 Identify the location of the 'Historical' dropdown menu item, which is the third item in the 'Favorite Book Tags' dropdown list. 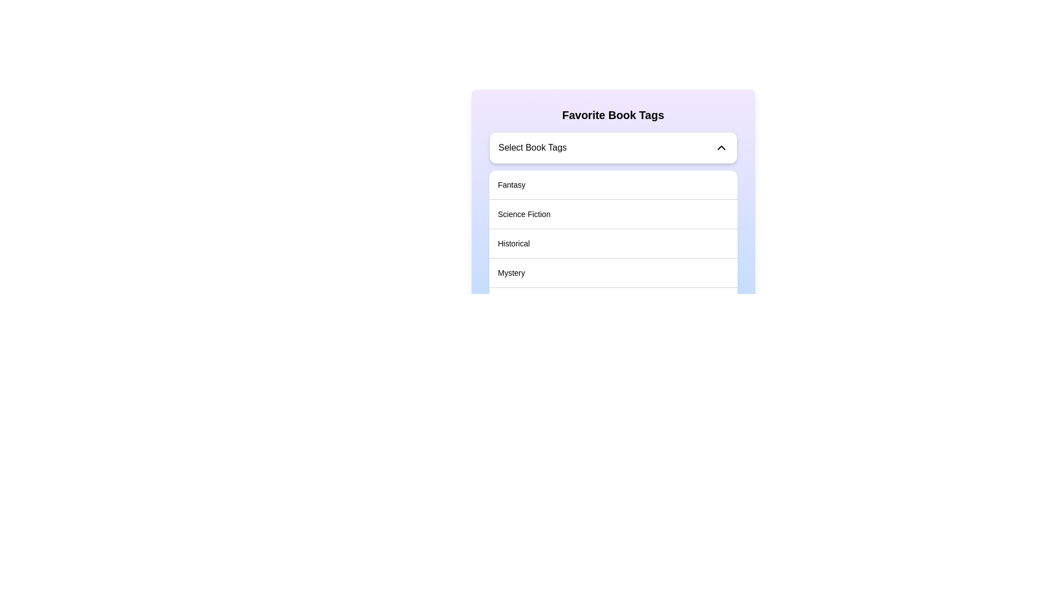
(612, 243).